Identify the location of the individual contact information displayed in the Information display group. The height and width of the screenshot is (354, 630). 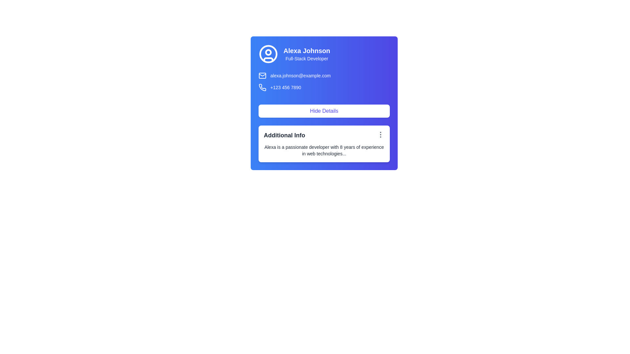
(324, 81).